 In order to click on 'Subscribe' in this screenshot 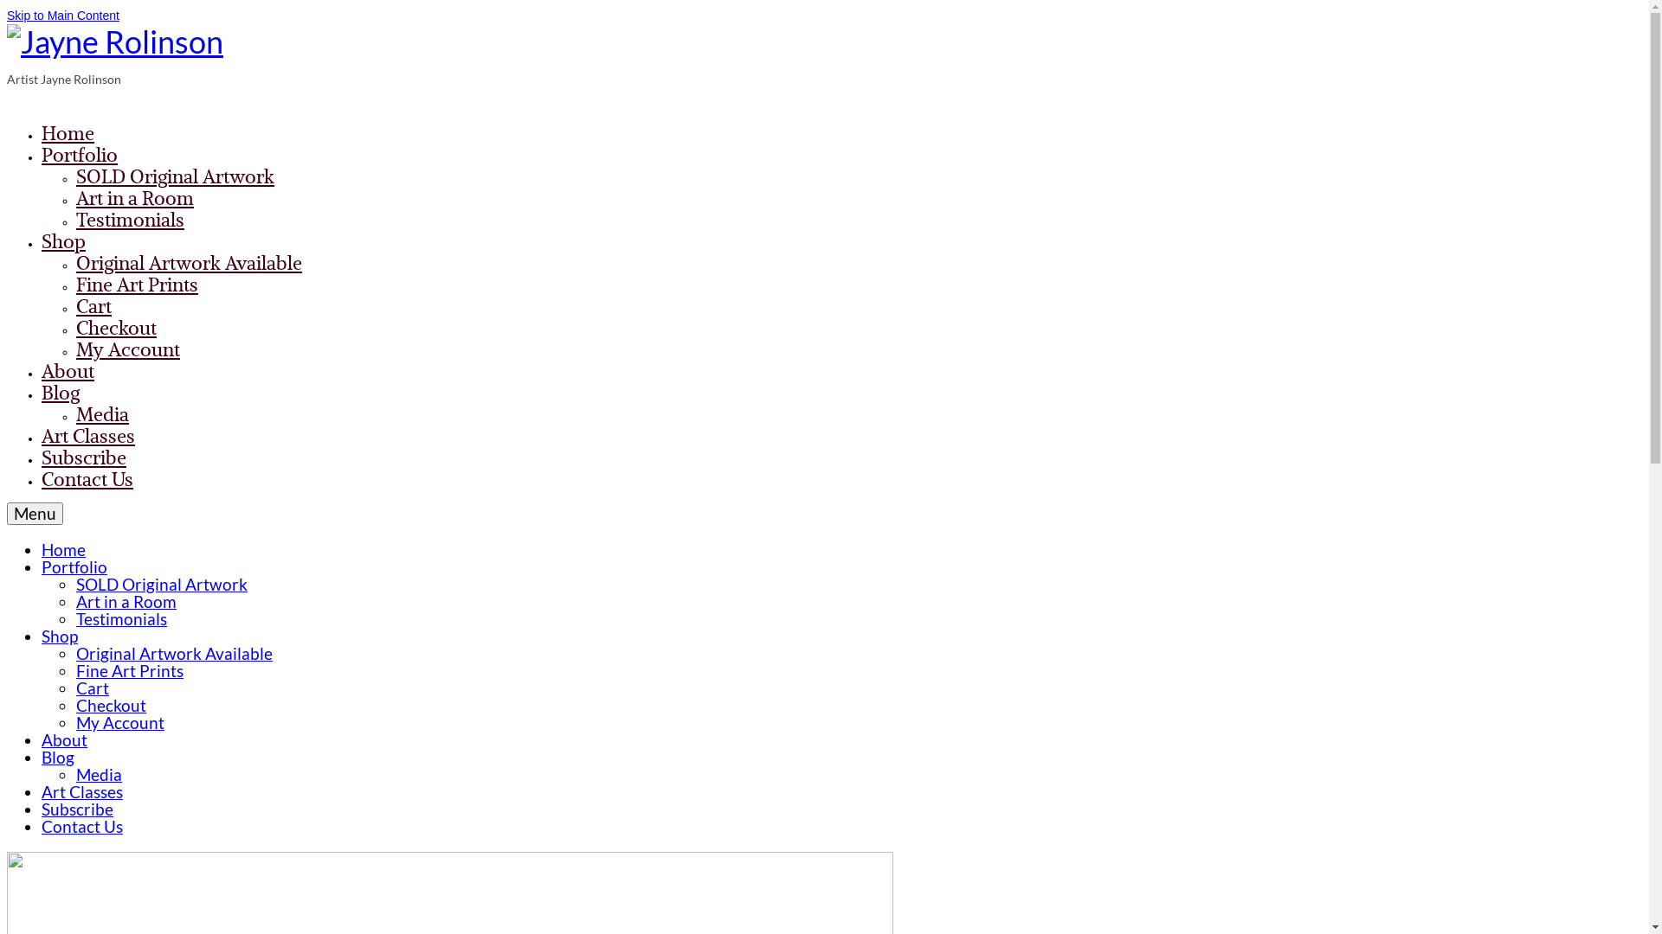, I will do `click(76, 809)`.